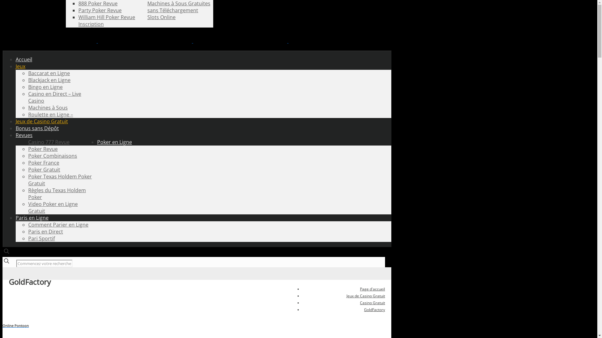 The width and height of the screenshot is (602, 338). I want to click on 'Slots Online', so click(161, 17).